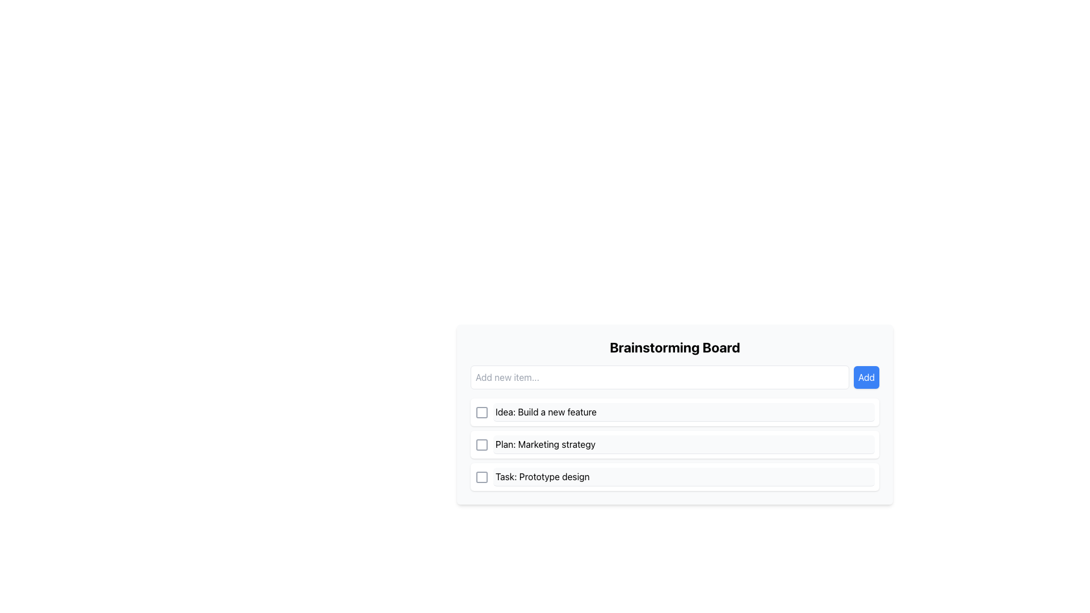 Image resolution: width=1090 pixels, height=613 pixels. I want to click on the rounded square icon located next to the text 'Plan: Marketing strategy' to interact with it, so click(482, 444).